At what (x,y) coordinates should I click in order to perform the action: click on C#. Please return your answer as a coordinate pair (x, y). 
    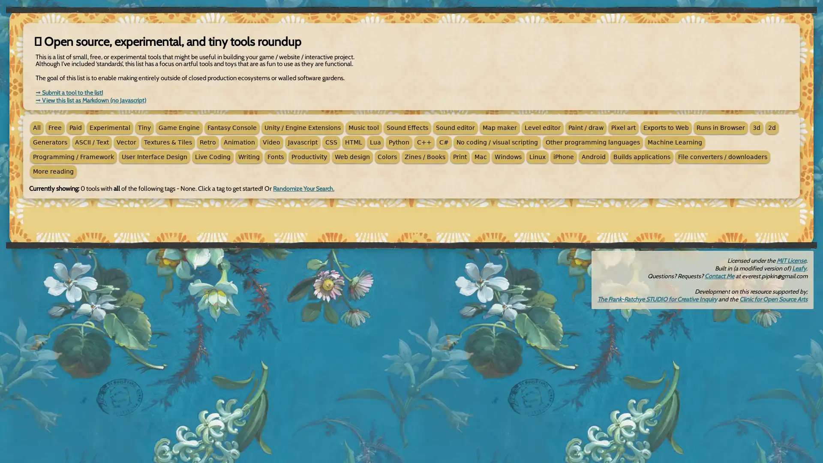
    Looking at the image, I should click on (444, 141).